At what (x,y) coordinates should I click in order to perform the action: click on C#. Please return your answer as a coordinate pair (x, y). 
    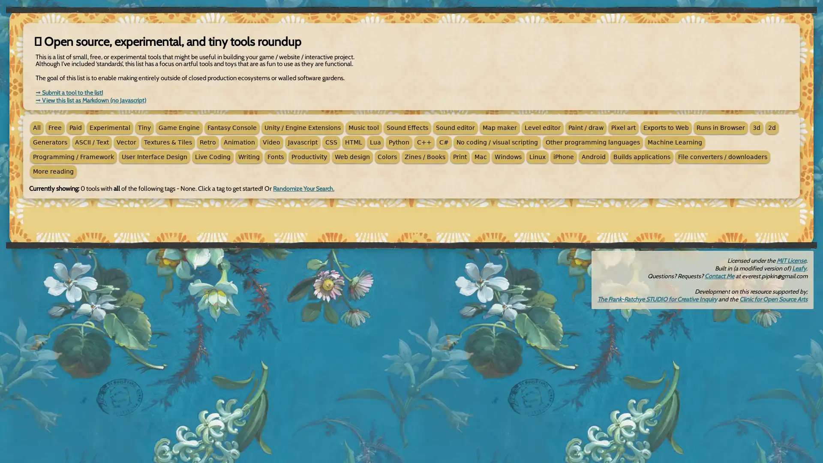
    Looking at the image, I should click on (444, 141).